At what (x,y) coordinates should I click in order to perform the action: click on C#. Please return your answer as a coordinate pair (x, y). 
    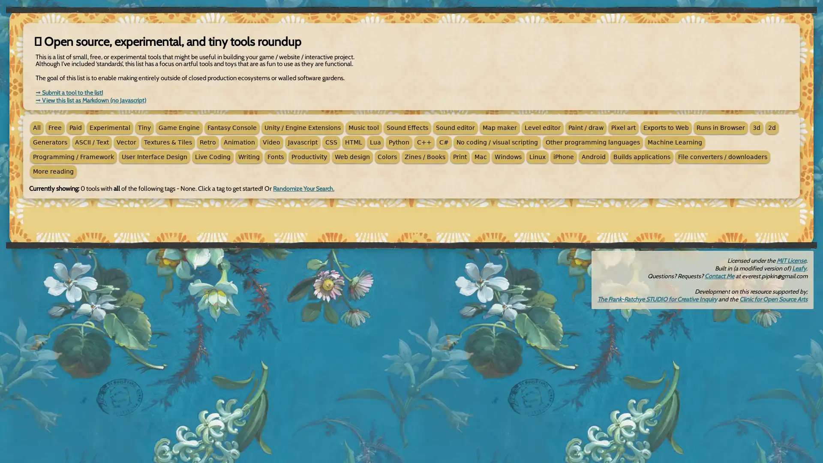
    Looking at the image, I should click on (444, 141).